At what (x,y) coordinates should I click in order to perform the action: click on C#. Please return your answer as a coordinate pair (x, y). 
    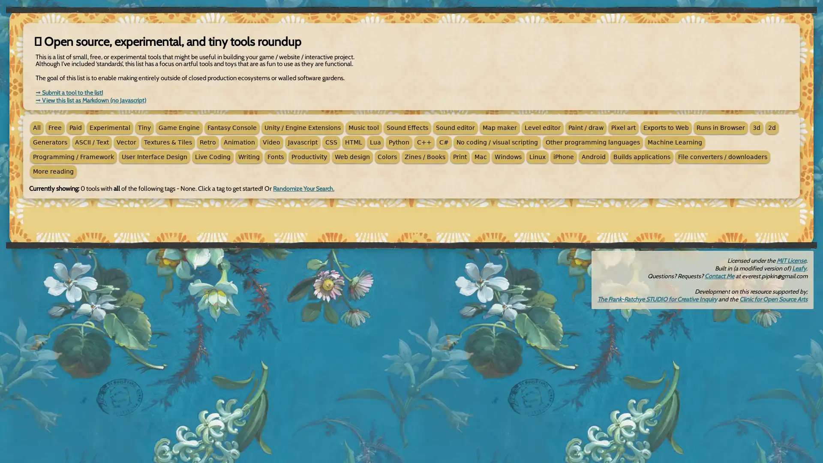
    Looking at the image, I should click on (444, 141).